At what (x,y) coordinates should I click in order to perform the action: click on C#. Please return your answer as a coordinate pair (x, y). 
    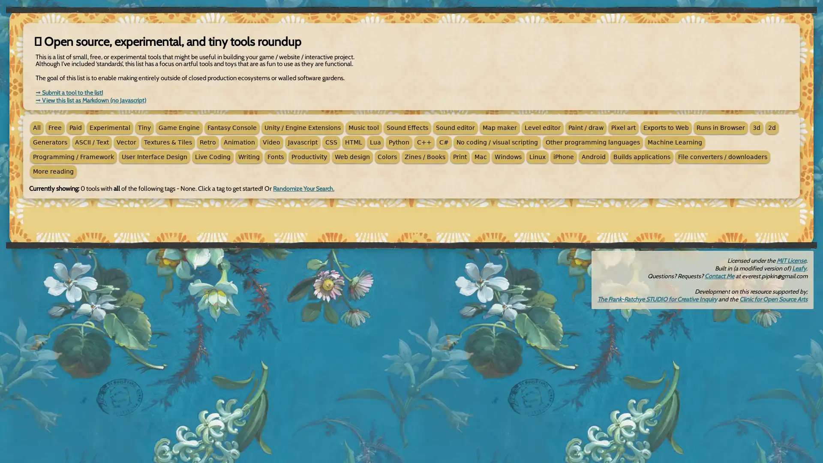
    Looking at the image, I should click on (444, 141).